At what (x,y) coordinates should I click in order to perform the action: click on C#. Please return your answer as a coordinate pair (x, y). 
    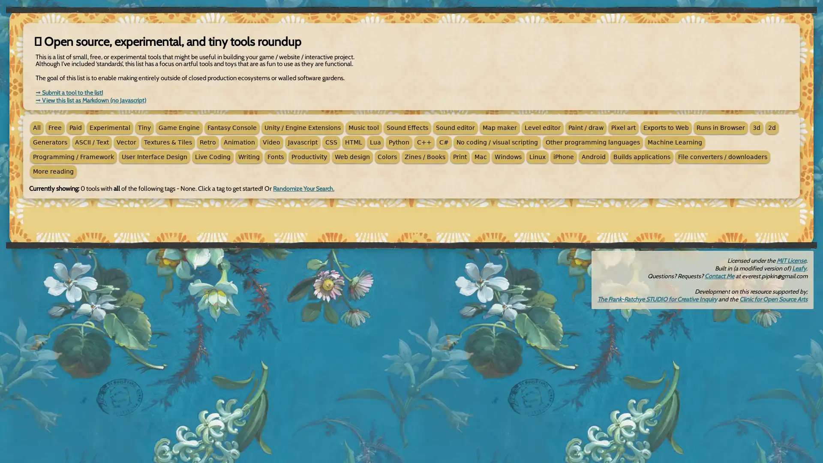
    Looking at the image, I should click on (444, 141).